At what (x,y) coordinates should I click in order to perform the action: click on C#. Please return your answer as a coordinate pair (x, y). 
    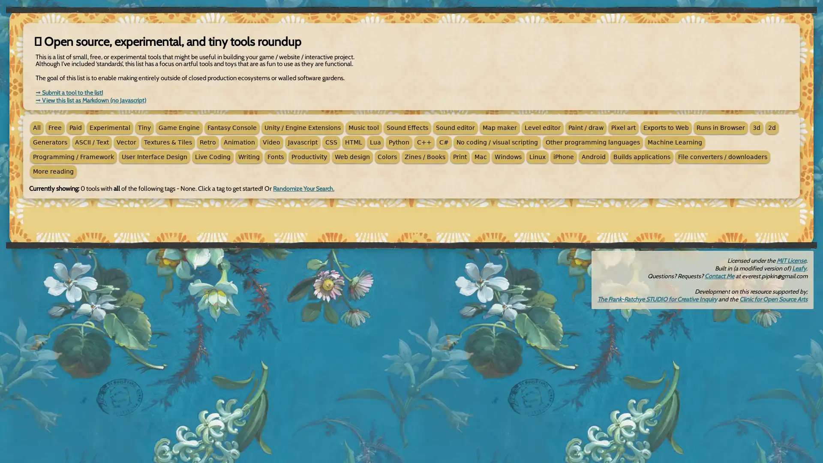
    Looking at the image, I should click on (444, 141).